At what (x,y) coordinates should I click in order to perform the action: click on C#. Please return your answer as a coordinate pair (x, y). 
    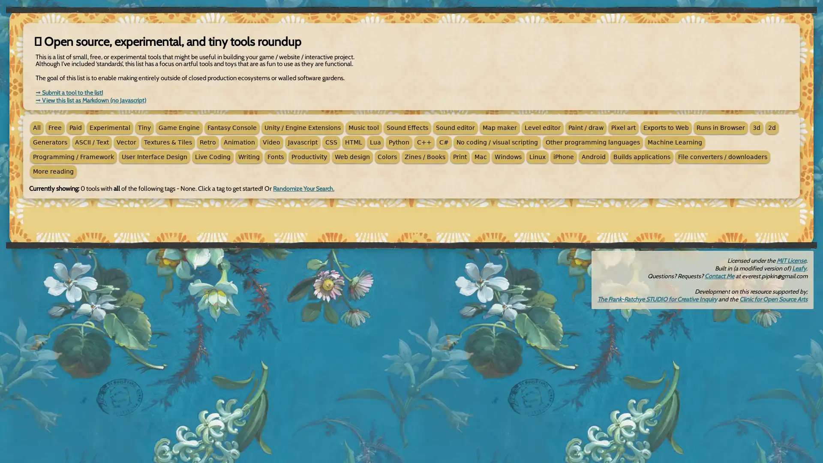
    Looking at the image, I should click on (444, 141).